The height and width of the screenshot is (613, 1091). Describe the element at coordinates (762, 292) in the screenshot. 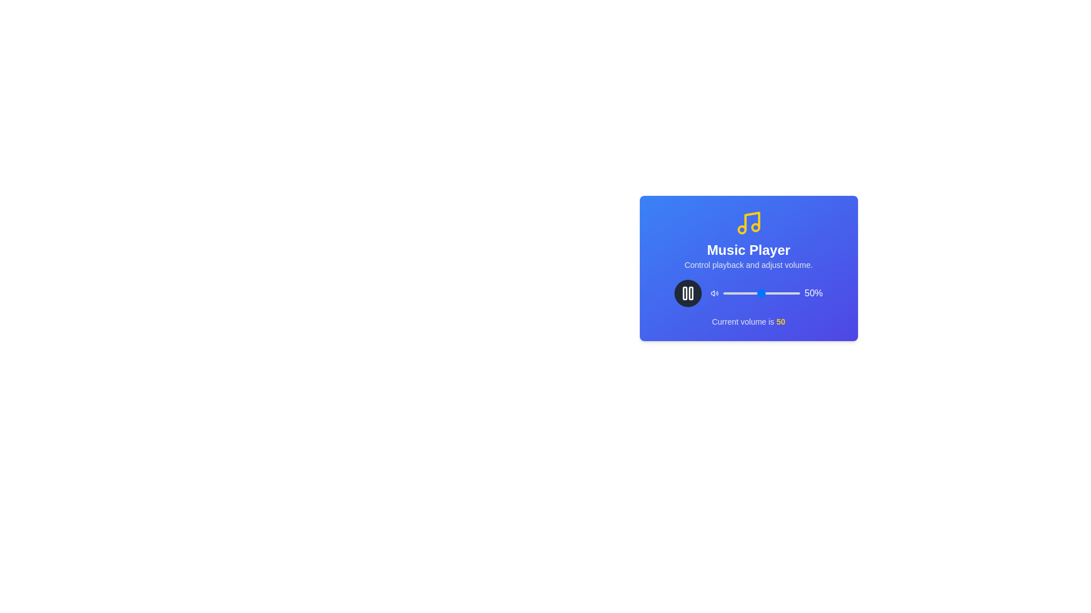

I see `the volume slider to set the volume to 51%` at that location.